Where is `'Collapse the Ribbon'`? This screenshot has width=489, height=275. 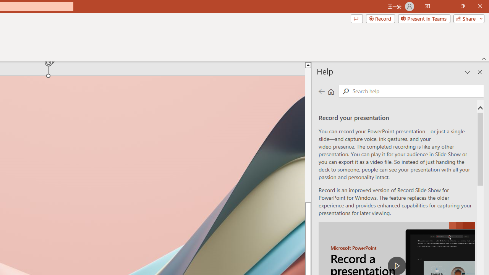 'Collapse the Ribbon' is located at coordinates (484, 58).